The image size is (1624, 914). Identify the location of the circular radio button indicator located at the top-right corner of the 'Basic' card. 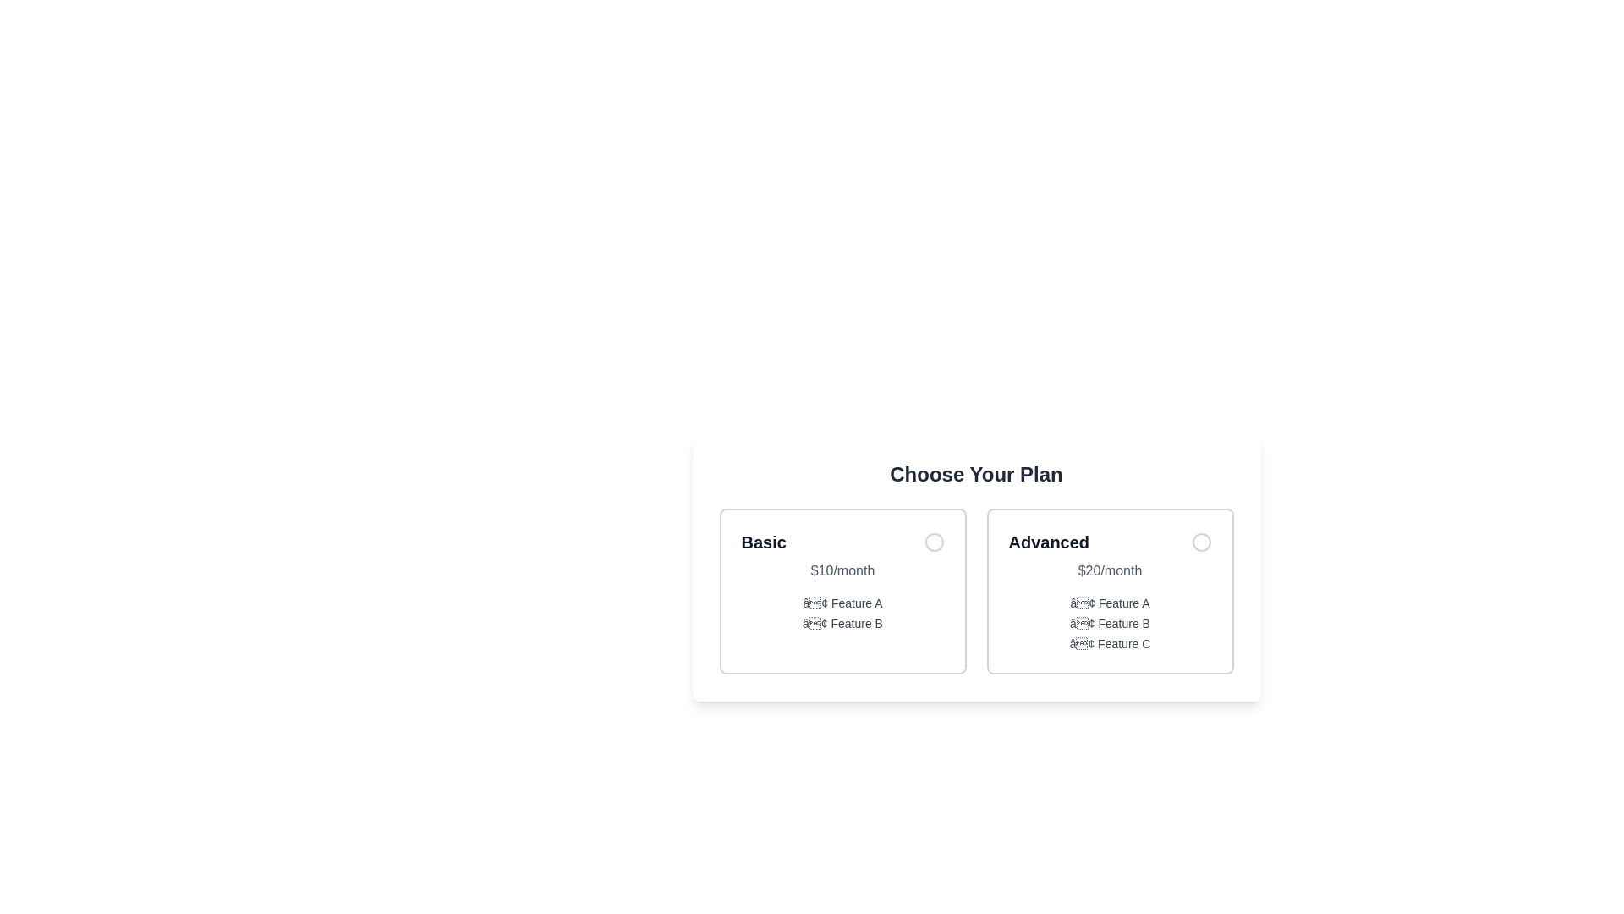
(933, 542).